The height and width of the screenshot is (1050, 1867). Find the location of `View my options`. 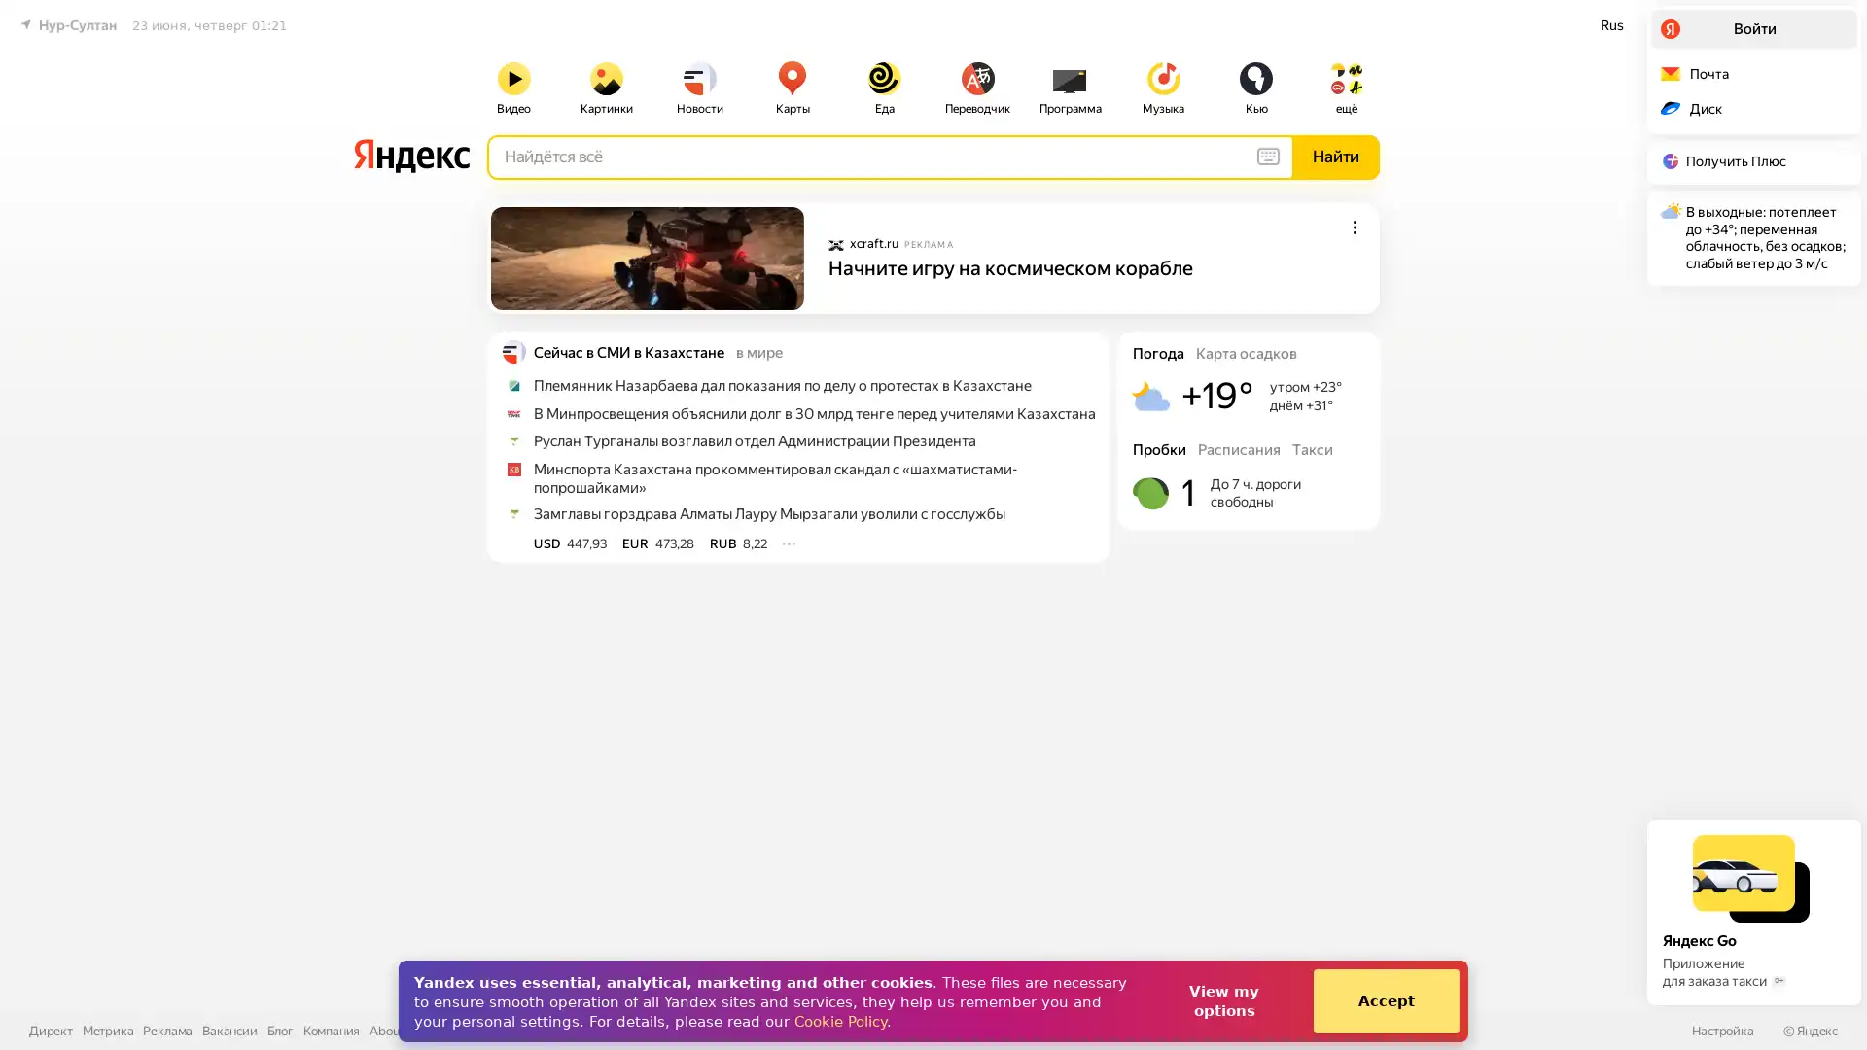

View my options is located at coordinates (1222, 1000).